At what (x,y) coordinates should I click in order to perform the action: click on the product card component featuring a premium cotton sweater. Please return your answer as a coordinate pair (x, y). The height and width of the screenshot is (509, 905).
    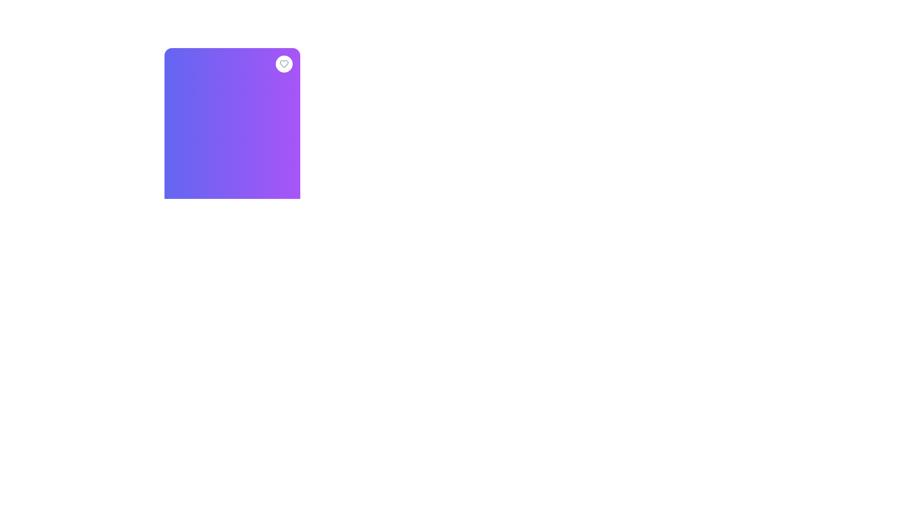
    Looking at the image, I should click on (232, 114).